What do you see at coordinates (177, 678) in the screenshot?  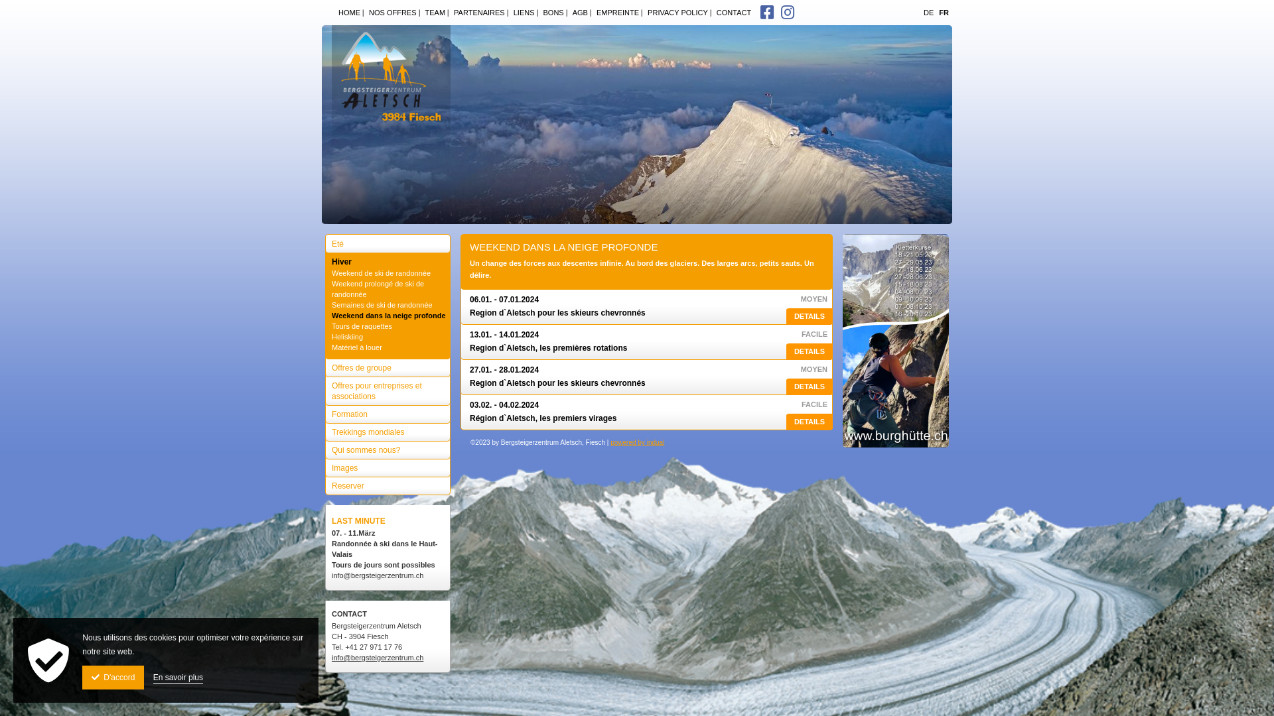 I see `'En savoir plus'` at bounding box center [177, 678].